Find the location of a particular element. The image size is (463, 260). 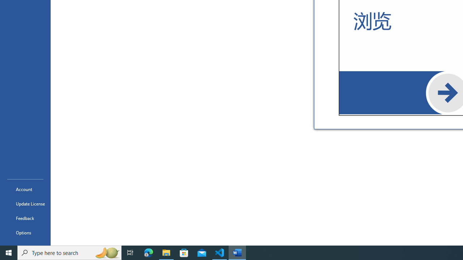

'Update License' is located at coordinates (25, 204).